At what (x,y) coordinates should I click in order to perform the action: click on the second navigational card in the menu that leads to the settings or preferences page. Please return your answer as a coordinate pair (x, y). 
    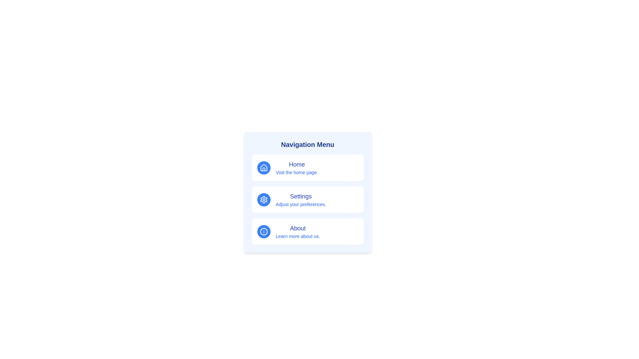
    Looking at the image, I should click on (307, 192).